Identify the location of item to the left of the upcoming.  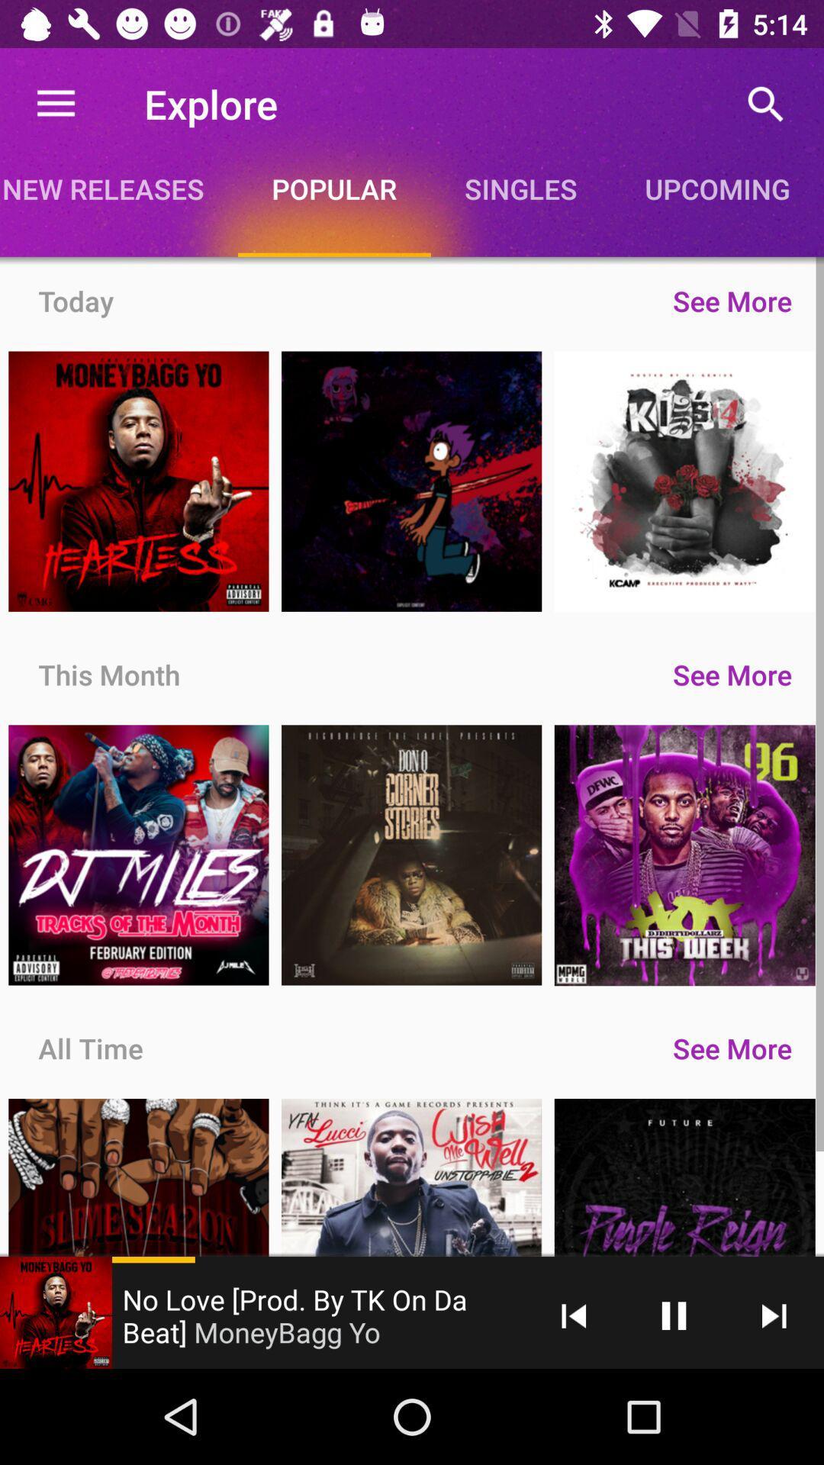
(520, 188).